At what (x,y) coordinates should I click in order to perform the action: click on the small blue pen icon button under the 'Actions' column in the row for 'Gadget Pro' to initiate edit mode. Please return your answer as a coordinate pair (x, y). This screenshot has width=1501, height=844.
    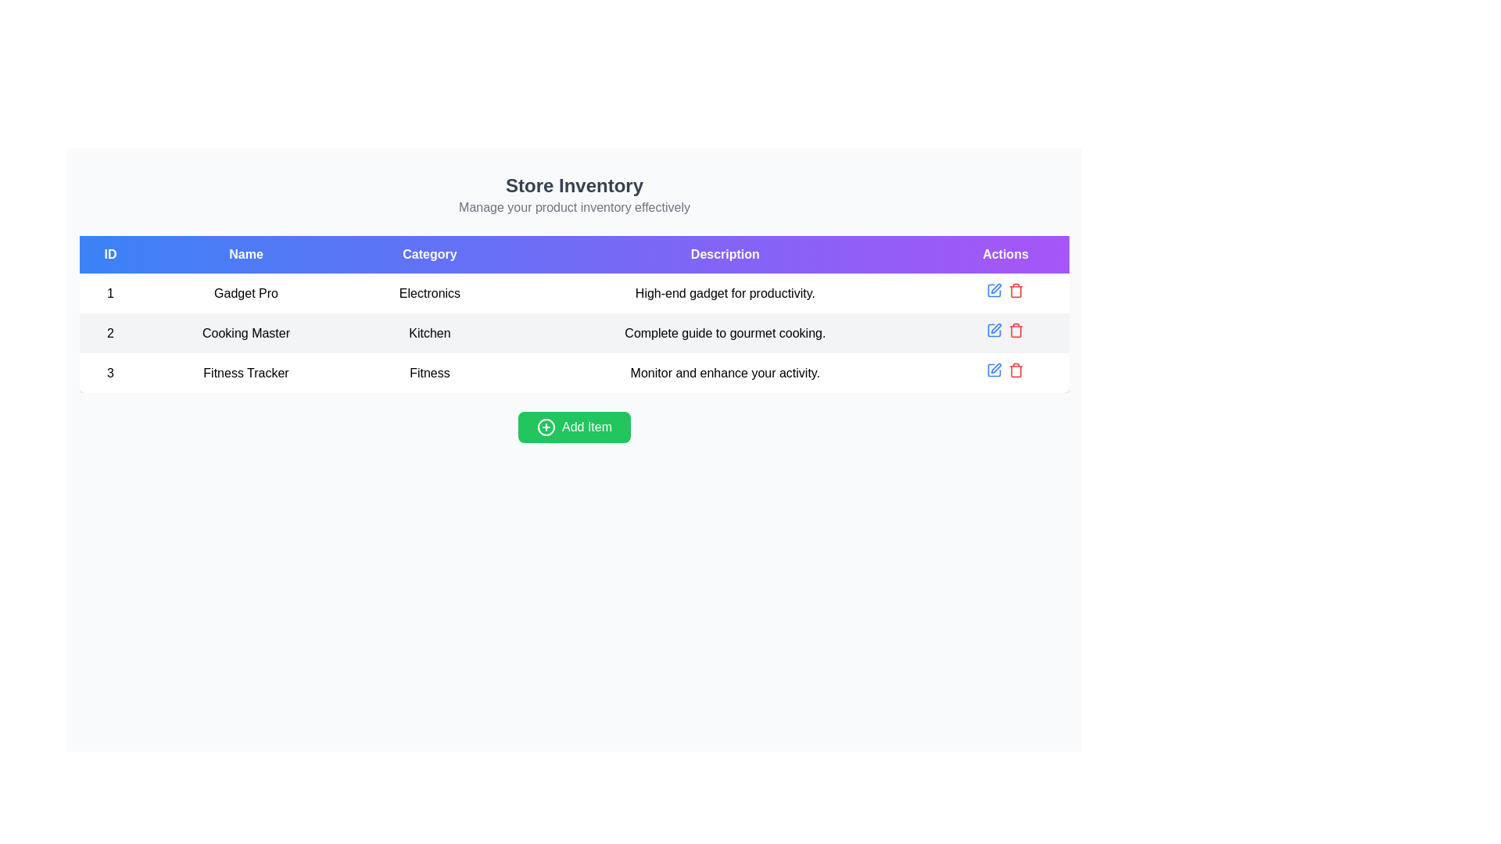
    Looking at the image, I should click on (994, 290).